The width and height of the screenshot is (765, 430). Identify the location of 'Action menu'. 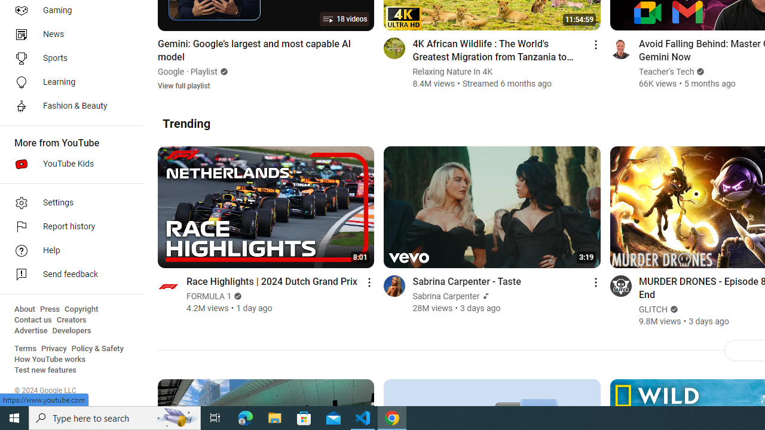
(595, 282).